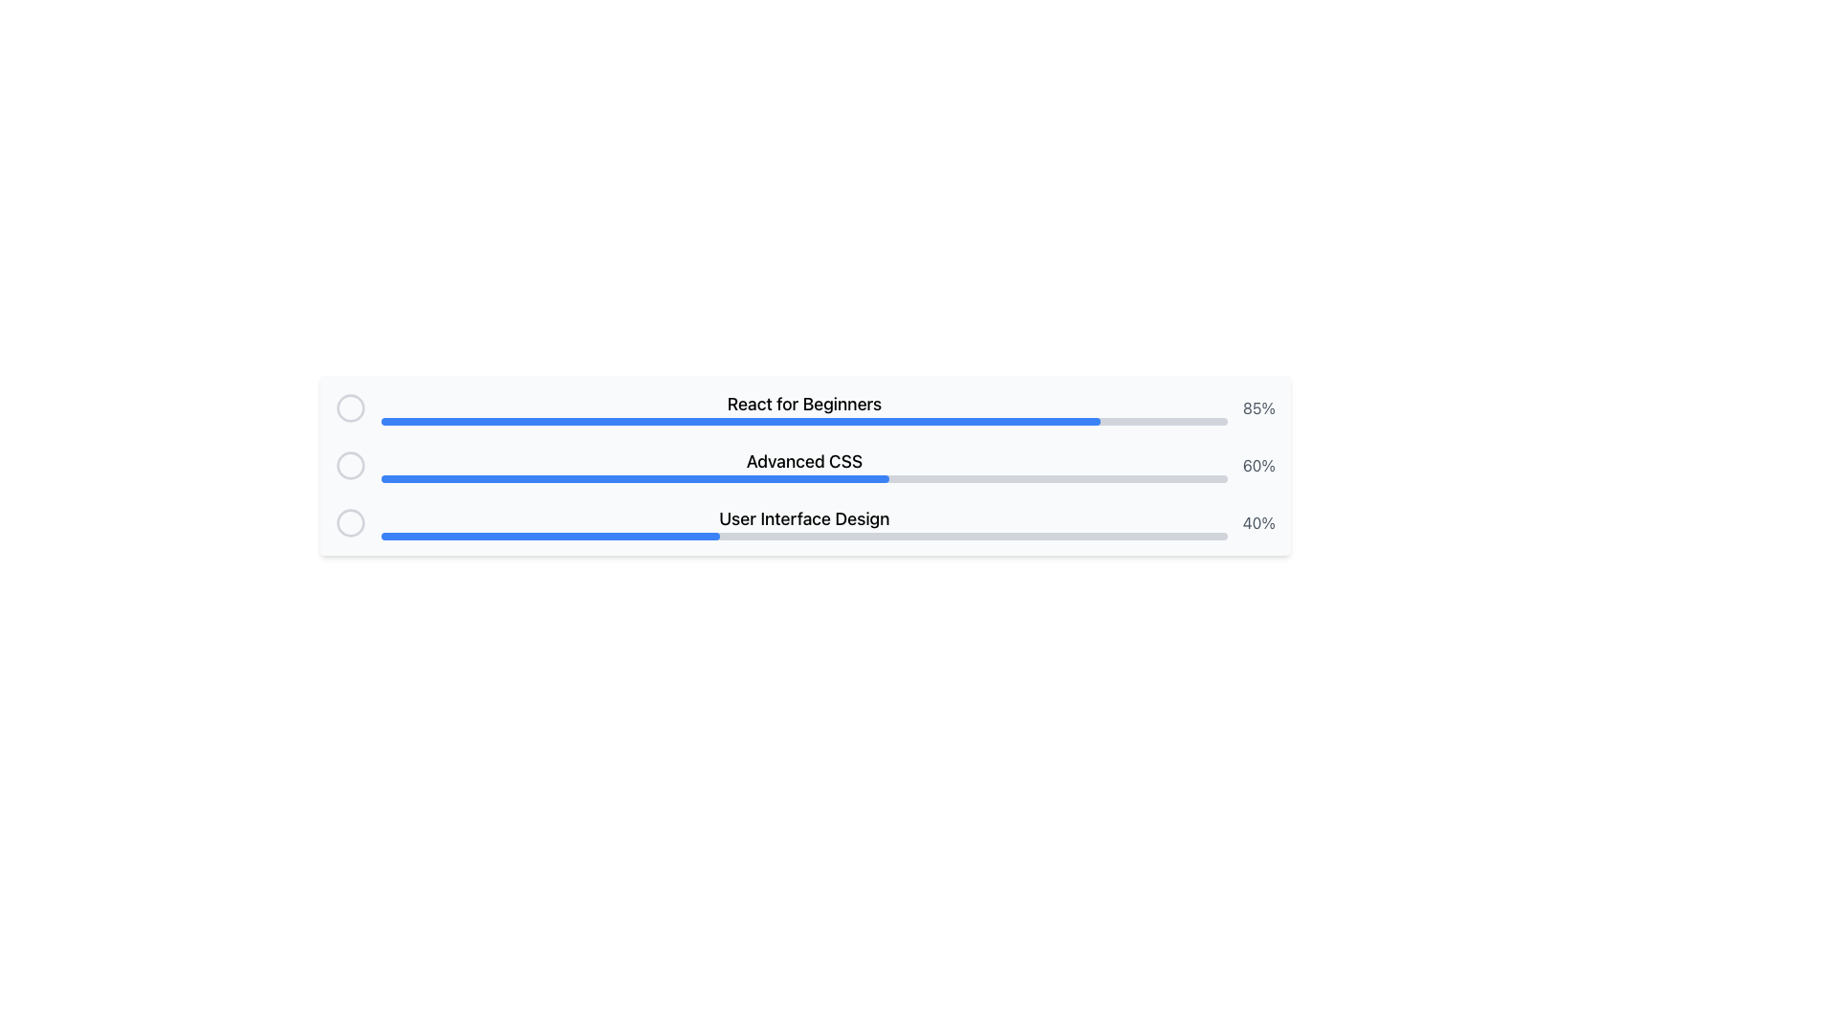 The height and width of the screenshot is (1033, 1836). What do you see at coordinates (804, 523) in the screenshot?
I see `the Labeled Progress Indicator that displays 'User Interface Design' above a gray horizontal progress bar filled to 40%` at bounding box center [804, 523].